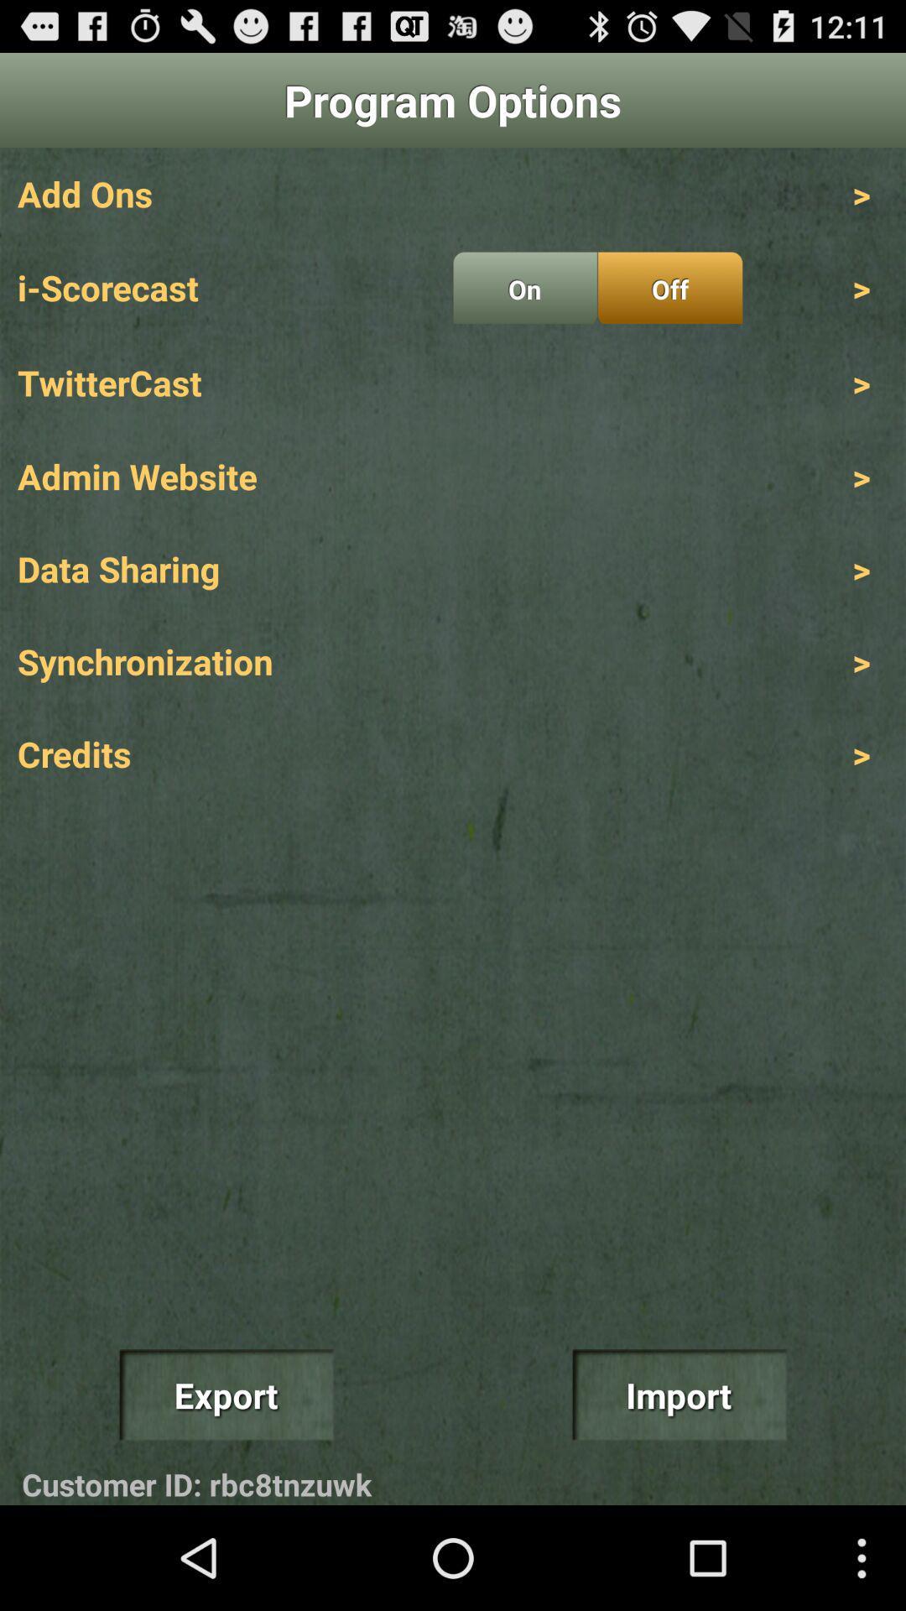 This screenshot has height=1611, width=906. Describe the element at coordinates (524, 288) in the screenshot. I see `icon above twittercast icon` at that location.